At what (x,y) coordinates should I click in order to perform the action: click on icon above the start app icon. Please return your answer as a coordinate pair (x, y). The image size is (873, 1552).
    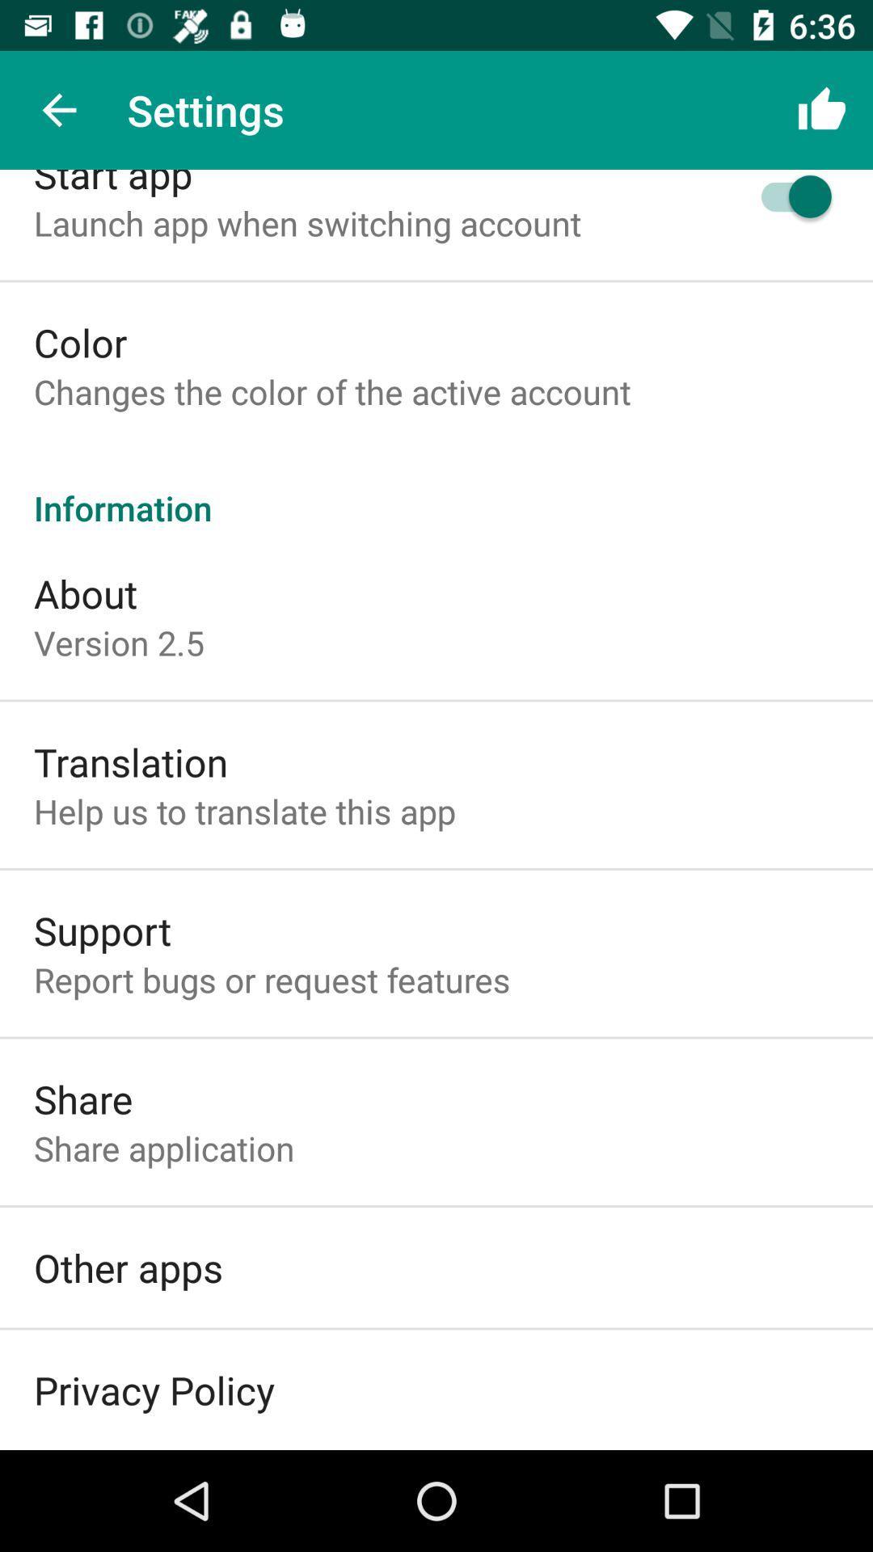
    Looking at the image, I should click on (58, 109).